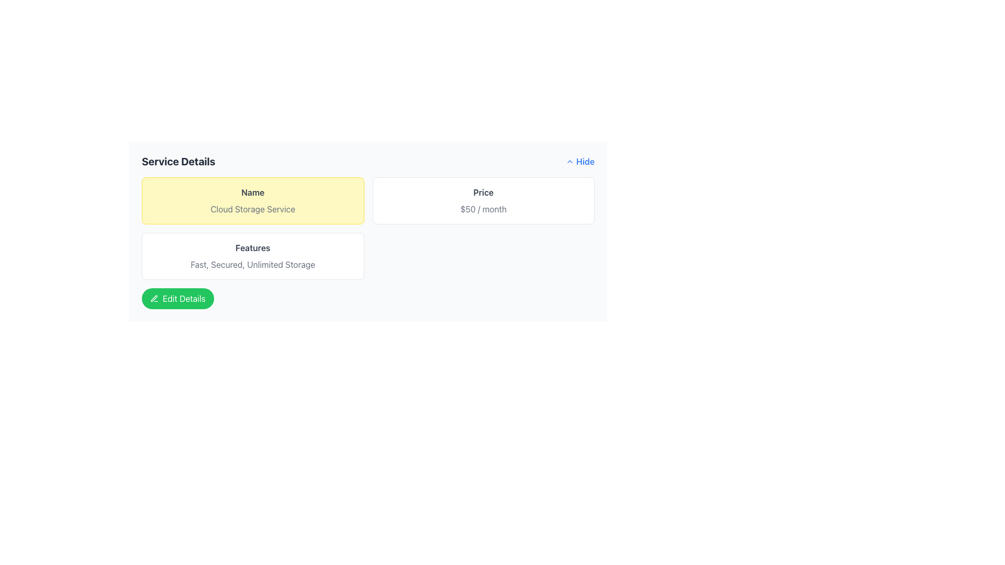 This screenshot has width=1005, height=565. Describe the element at coordinates (569, 161) in the screenshot. I see `the chevron-up icon located in the top-right corner of the interface` at that location.